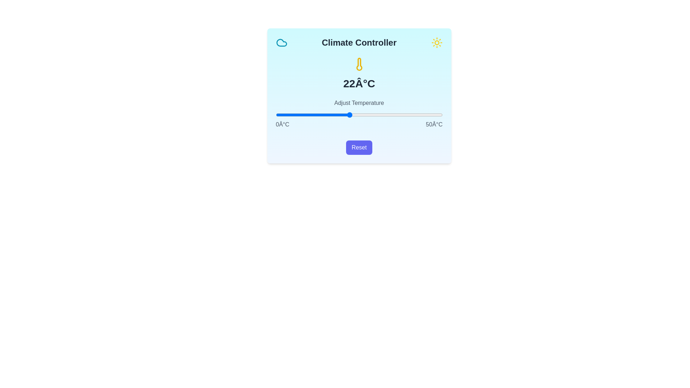 This screenshot has width=690, height=388. What do you see at coordinates (359, 147) in the screenshot?
I see `reset button to reset the temperature to its default value` at bounding box center [359, 147].